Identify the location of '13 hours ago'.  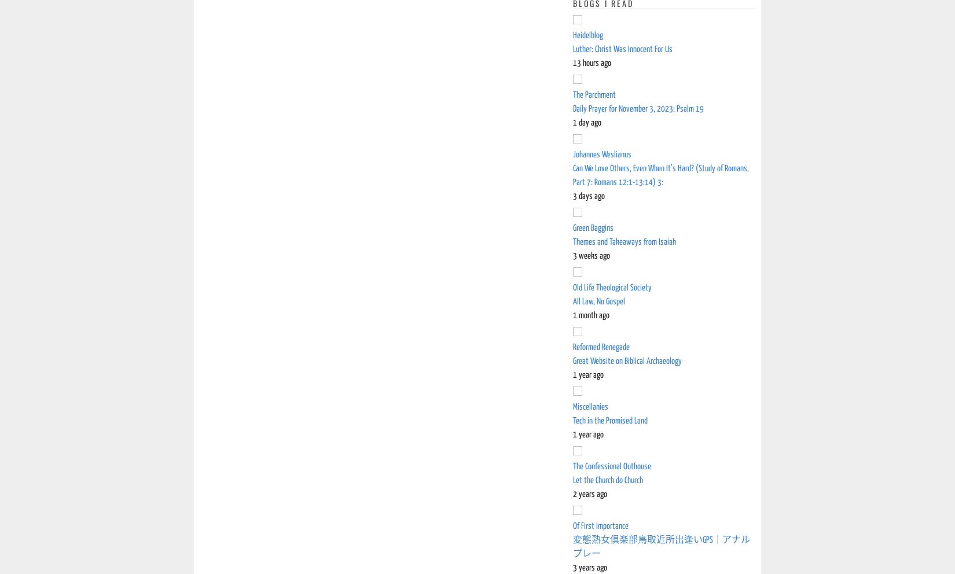
(592, 62).